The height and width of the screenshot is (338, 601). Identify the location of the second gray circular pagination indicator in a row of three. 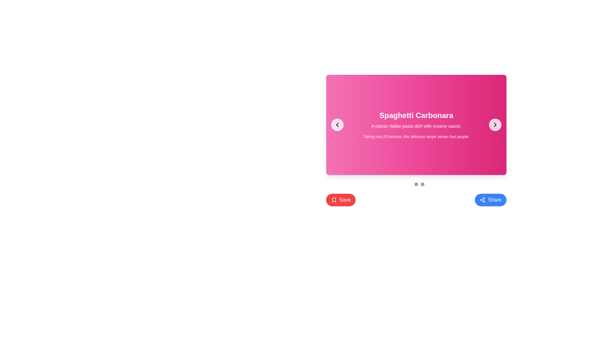
(416, 184).